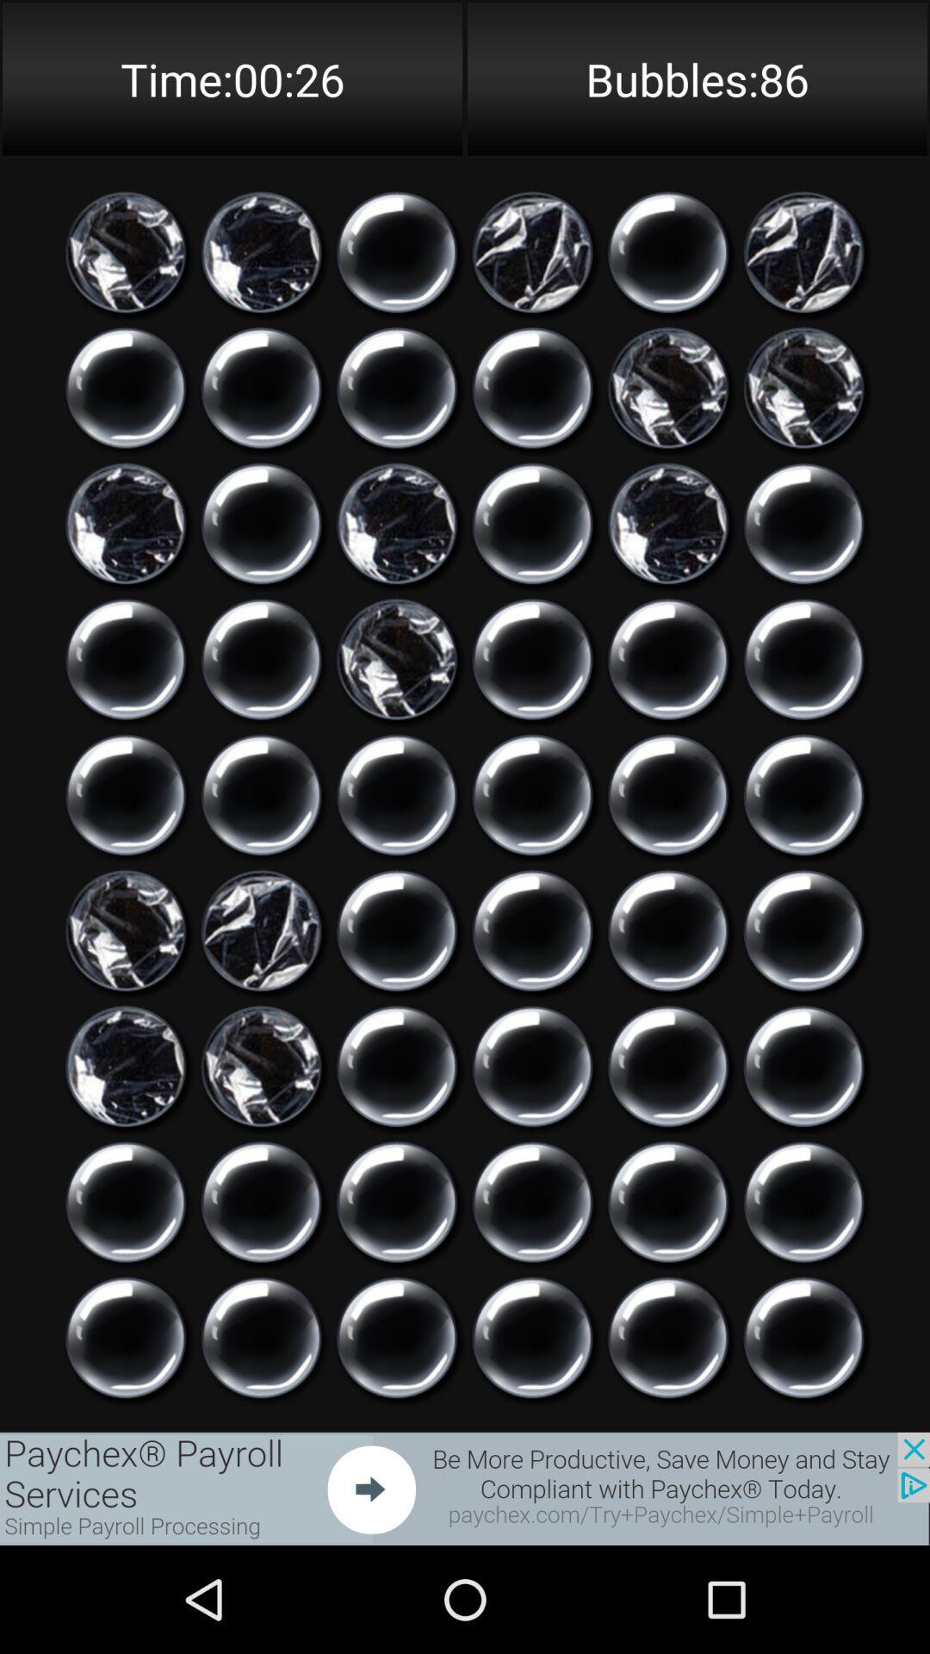  I want to click on click on bubbles, so click(531, 658).